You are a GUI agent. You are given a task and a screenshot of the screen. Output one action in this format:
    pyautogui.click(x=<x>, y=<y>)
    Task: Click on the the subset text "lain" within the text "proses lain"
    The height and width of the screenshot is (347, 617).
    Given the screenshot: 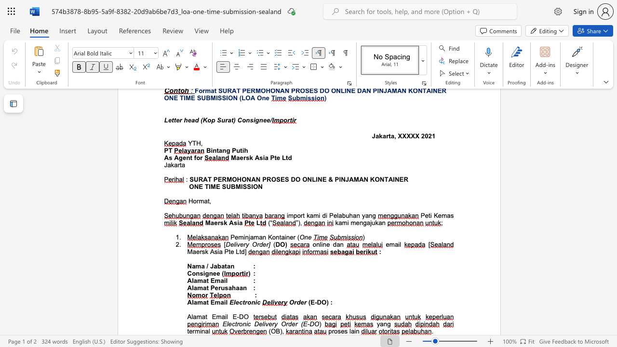 What is the action you would take?
    pyautogui.click(x=349, y=331)
    